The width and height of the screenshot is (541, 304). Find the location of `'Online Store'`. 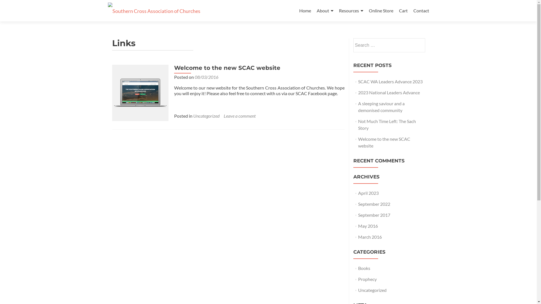

'Online Store' is located at coordinates (381, 10).